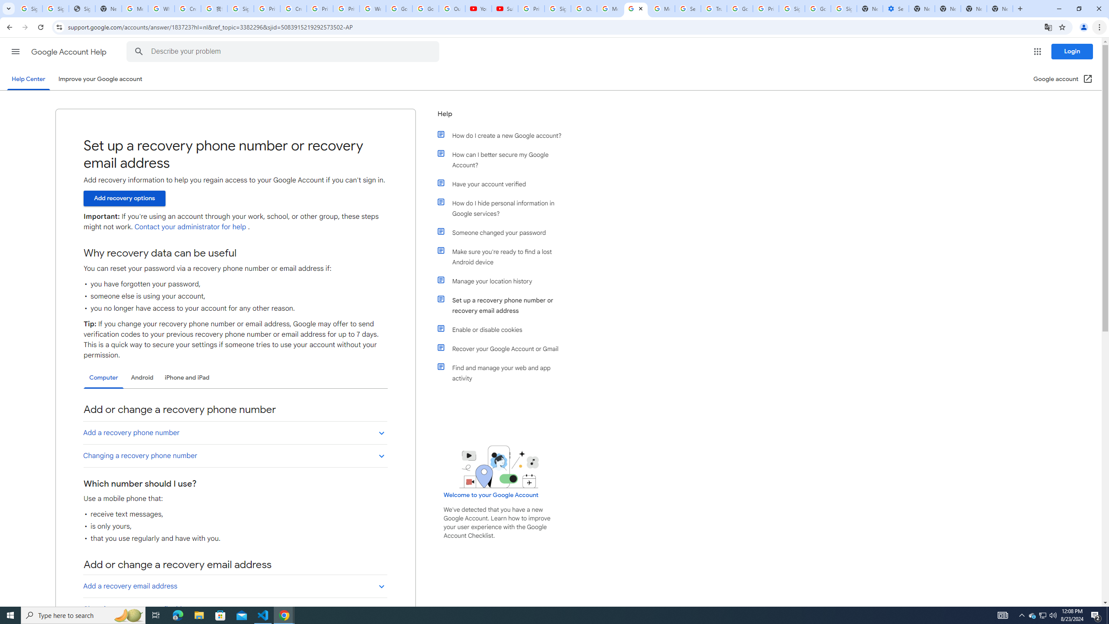 This screenshot has width=1109, height=624. Describe the element at coordinates (713, 8) in the screenshot. I see `'Trusted Information and Content - Google Safety Center'` at that location.